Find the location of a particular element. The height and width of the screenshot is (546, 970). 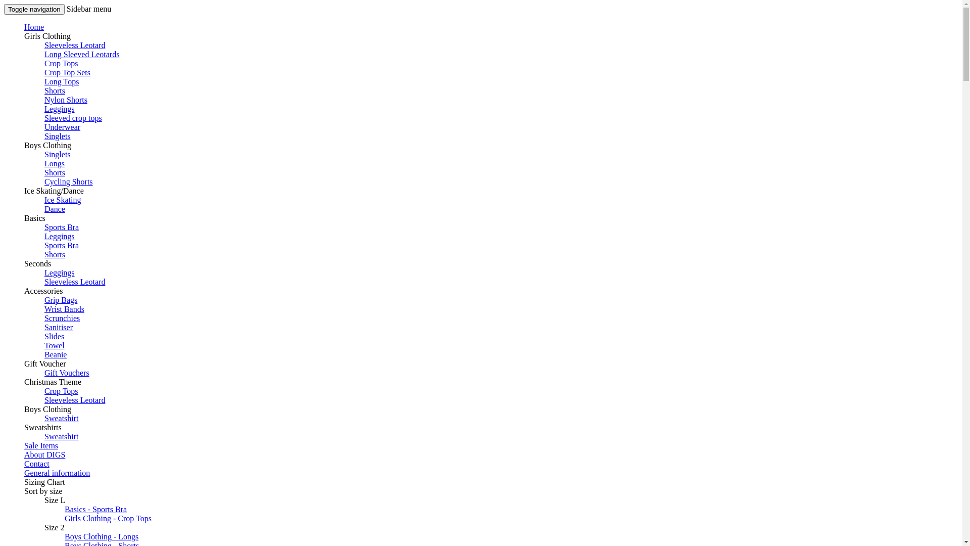

'Nylon Shorts' is located at coordinates (43, 100).